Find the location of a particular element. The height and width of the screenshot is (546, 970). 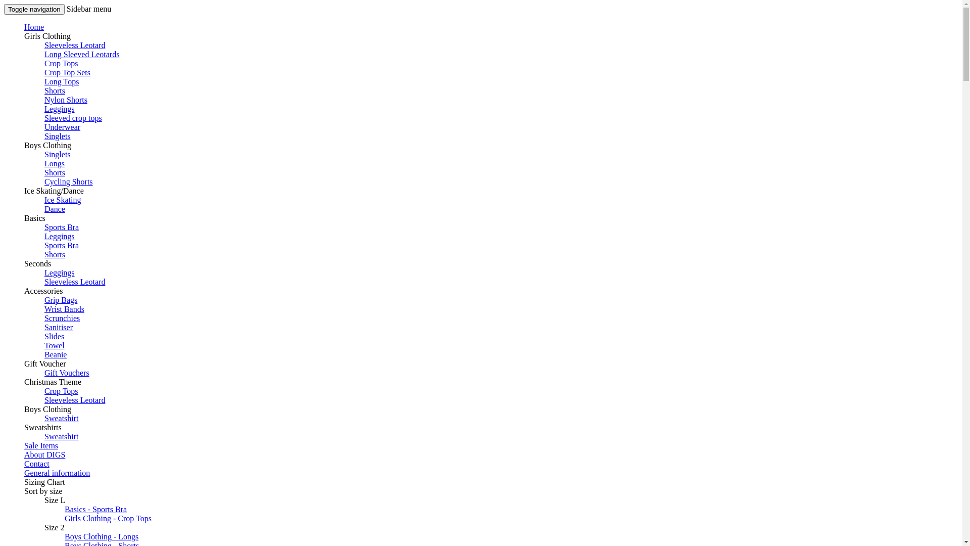

'Nylon Shorts' is located at coordinates (43, 100).